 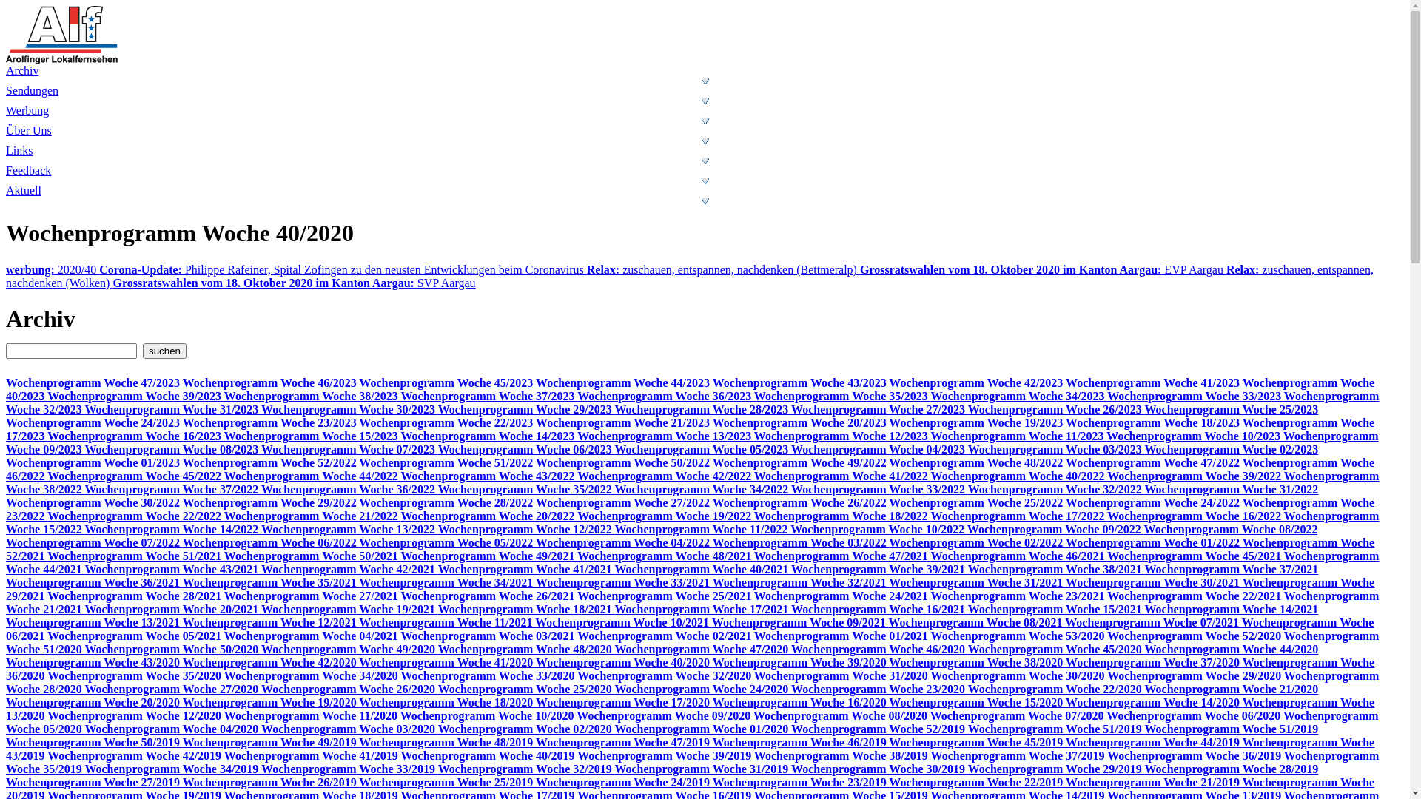 I want to click on 'Wochenprogramm Woche 36/2022', so click(x=349, y=489).